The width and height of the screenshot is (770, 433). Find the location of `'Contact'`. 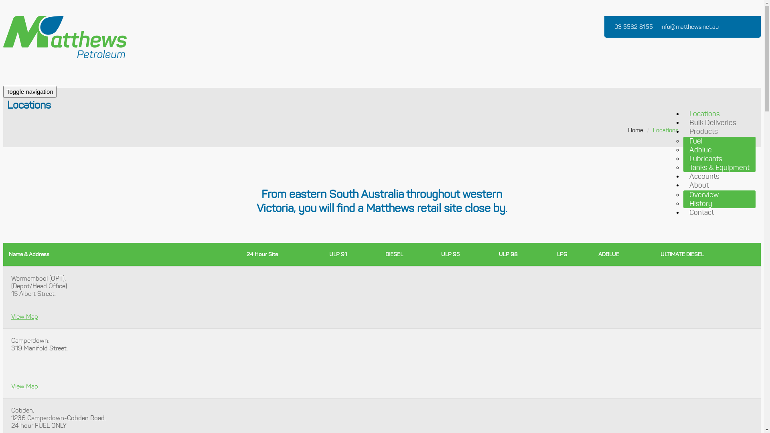

'Contact' is located at coordinates (701, 212).